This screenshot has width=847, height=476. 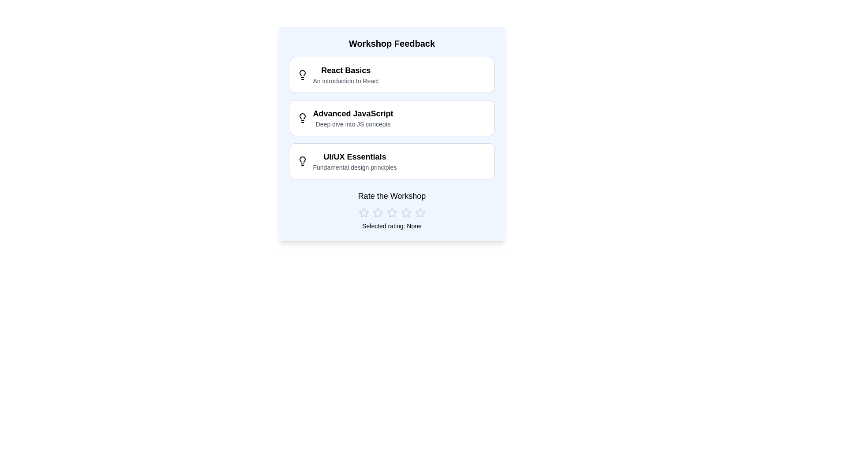 What do you see at coordinates (302, 74) in the screenshot?
I see `the lightbulb icon, which is the first icon in the list group located at the top left of the text 'React Basics'` at bounding box center [302, 74].